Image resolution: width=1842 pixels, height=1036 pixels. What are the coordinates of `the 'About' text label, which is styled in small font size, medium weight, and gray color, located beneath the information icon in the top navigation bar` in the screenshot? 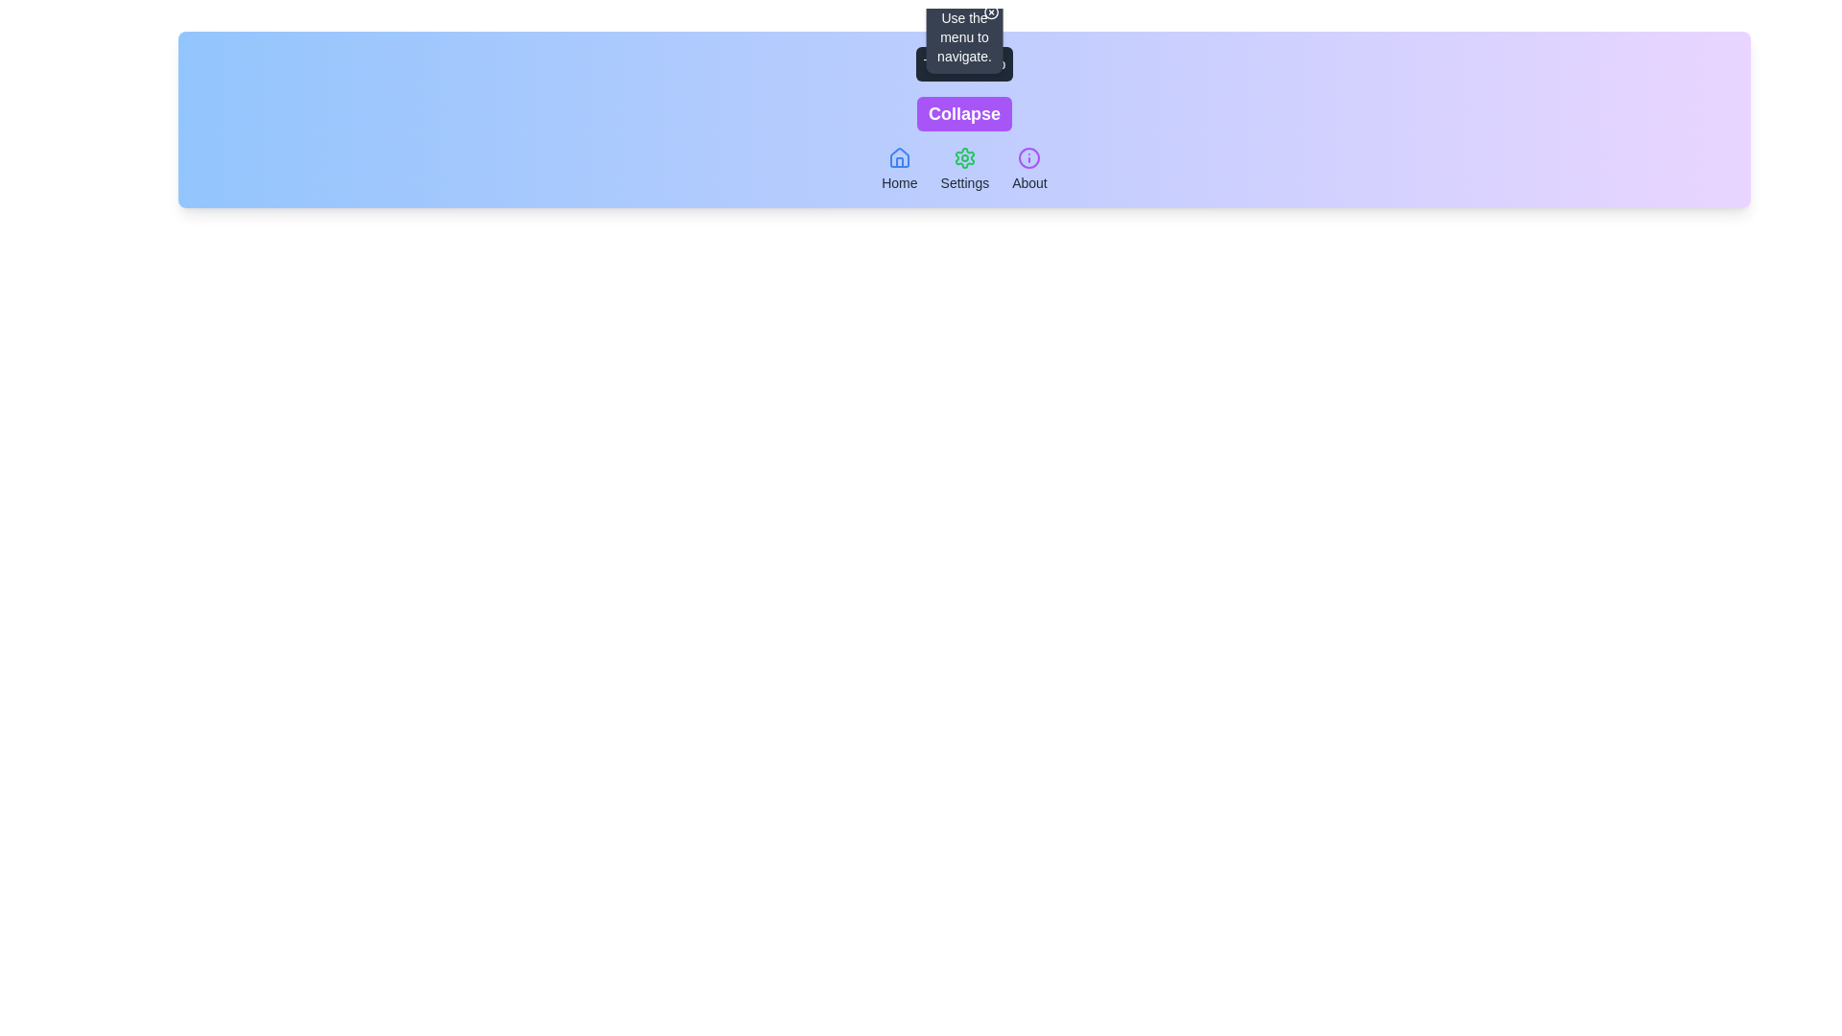 It's located at (1028, 183).